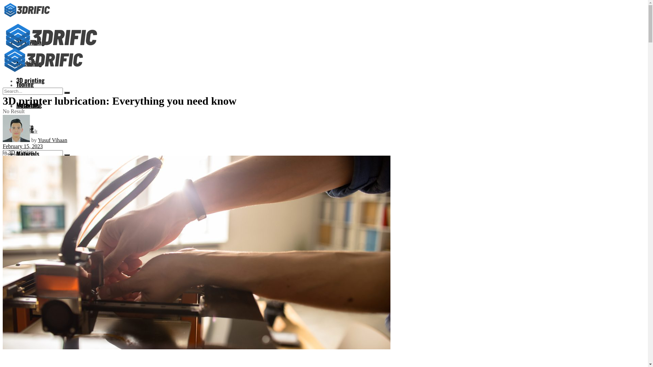 The image size is (653, 367). What do you see at coordinates (3, 146) in the screenshot?
I see `'February 15, 2023'` at bounding box center [3, 146].